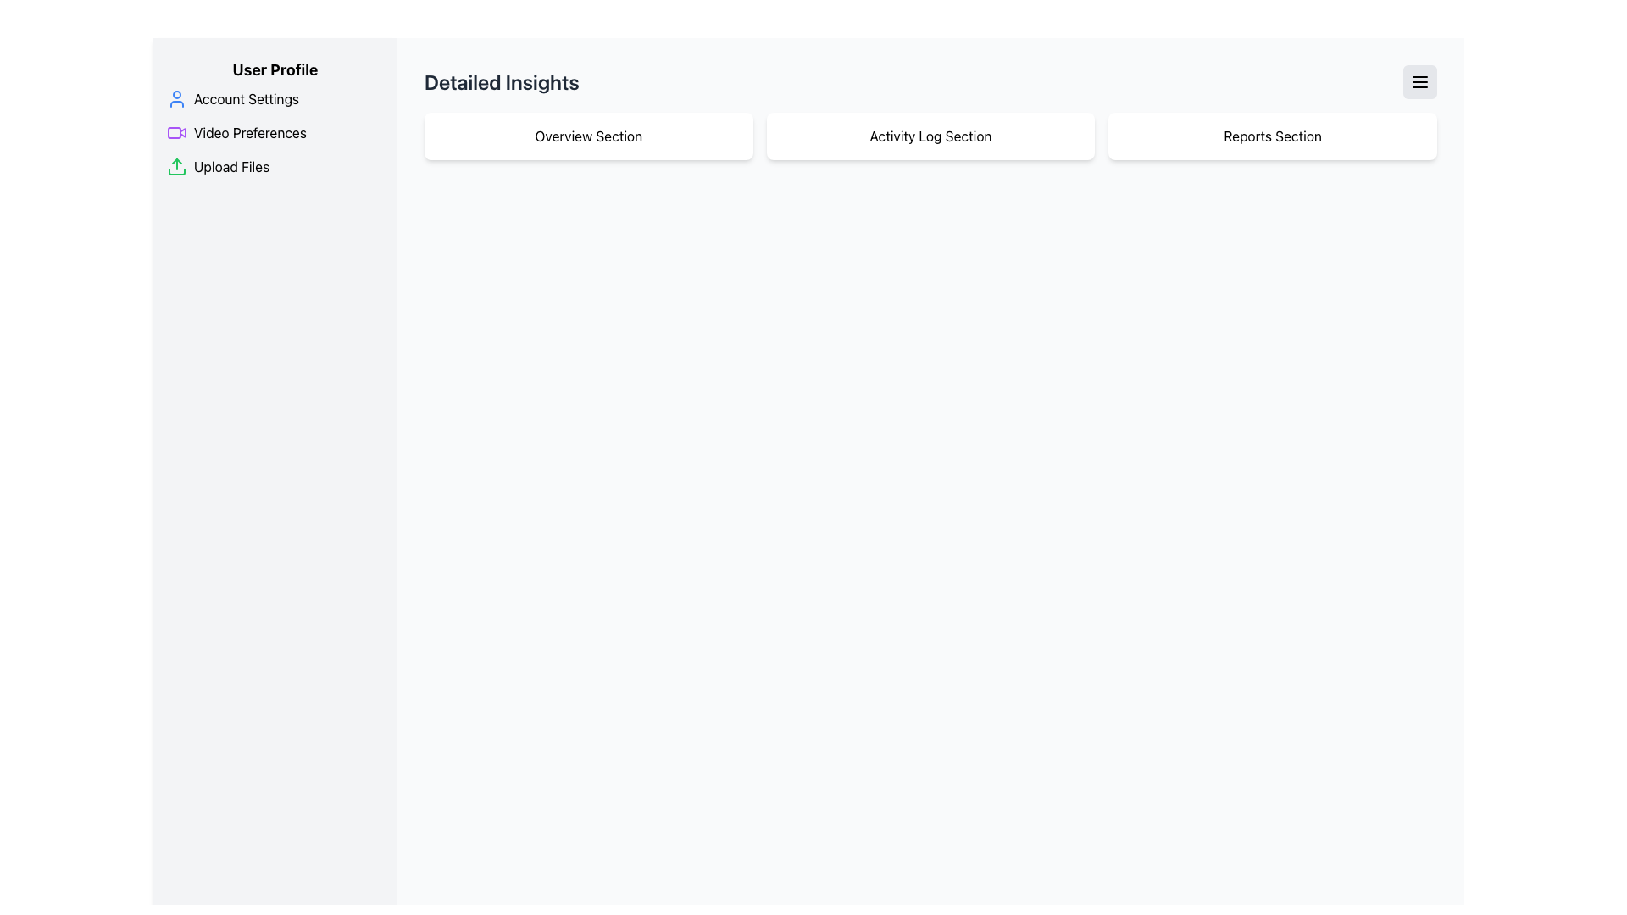 The image size is (1627, 915). Describe the element at coordinates (1419, 81) in the screenshot. I see `the menu toggle icon located in the top-right corner of the application layout` at that location.